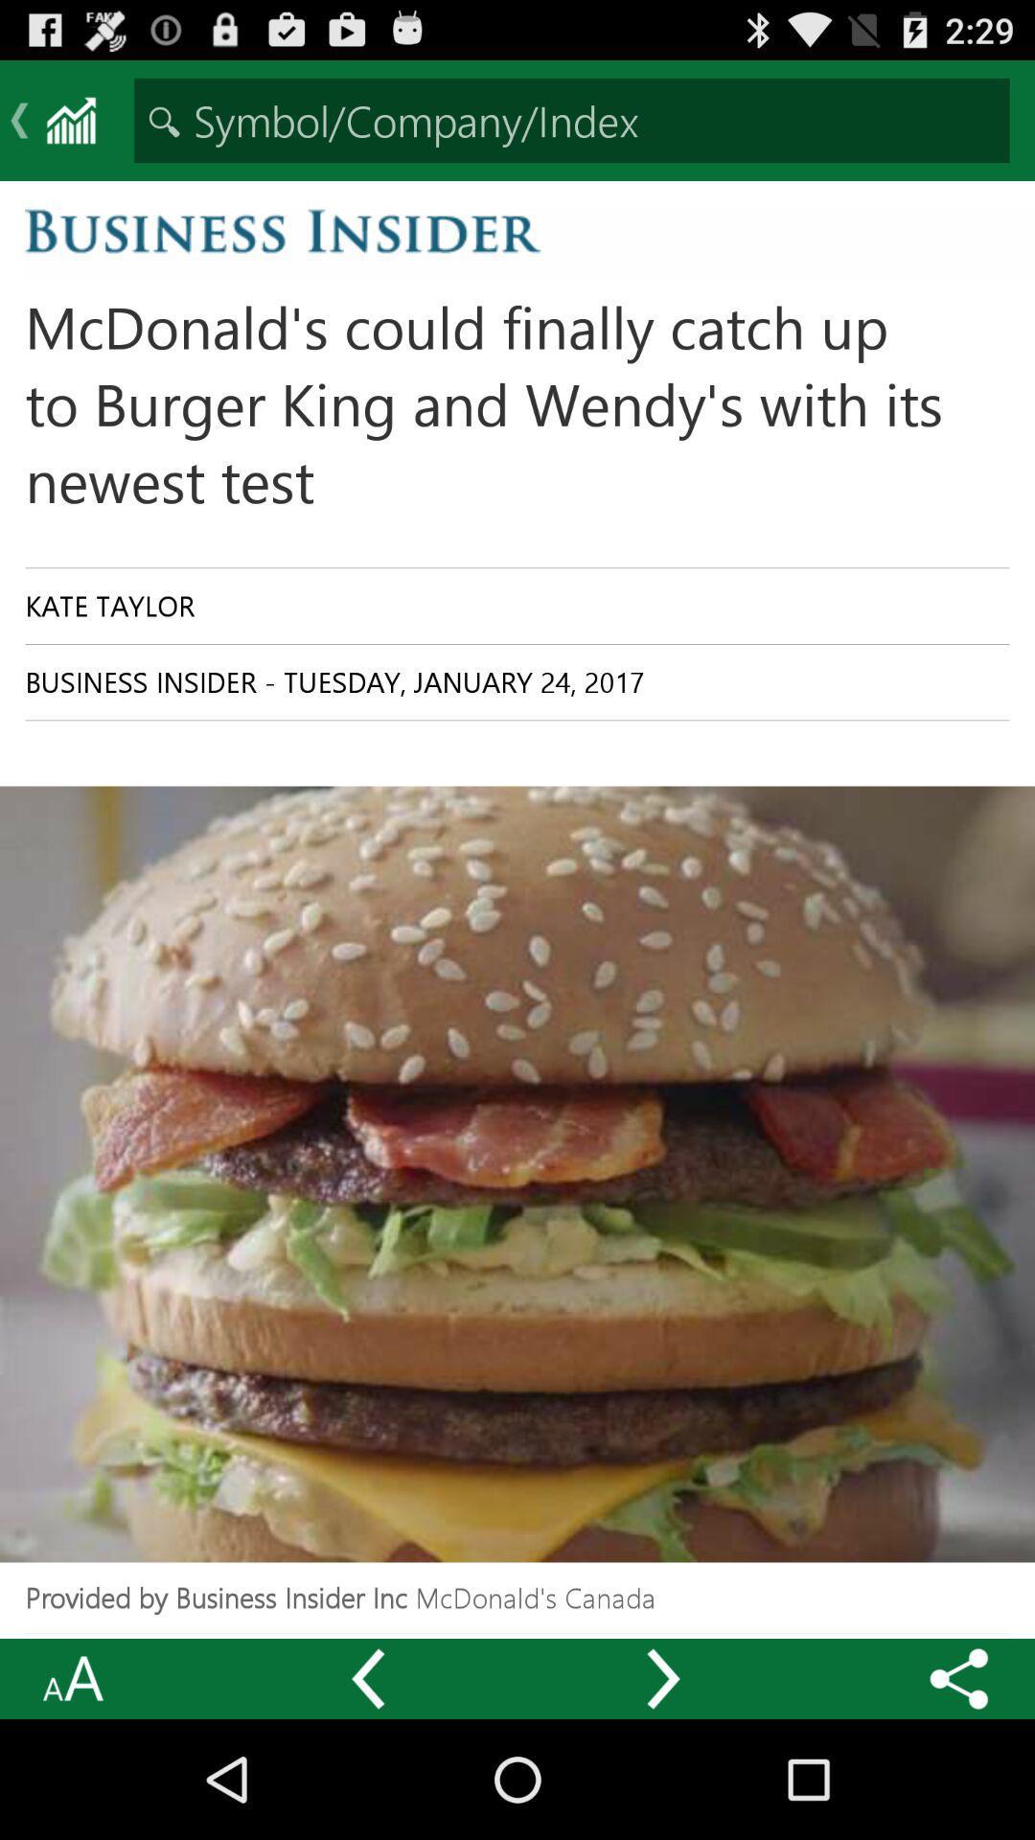 Image resolution: width=1035 pixels, height=1840 pixels. Describe the element at coordinates (72, 1678) in the screenshot. I see `the icon at the bottom left corner` at that location.